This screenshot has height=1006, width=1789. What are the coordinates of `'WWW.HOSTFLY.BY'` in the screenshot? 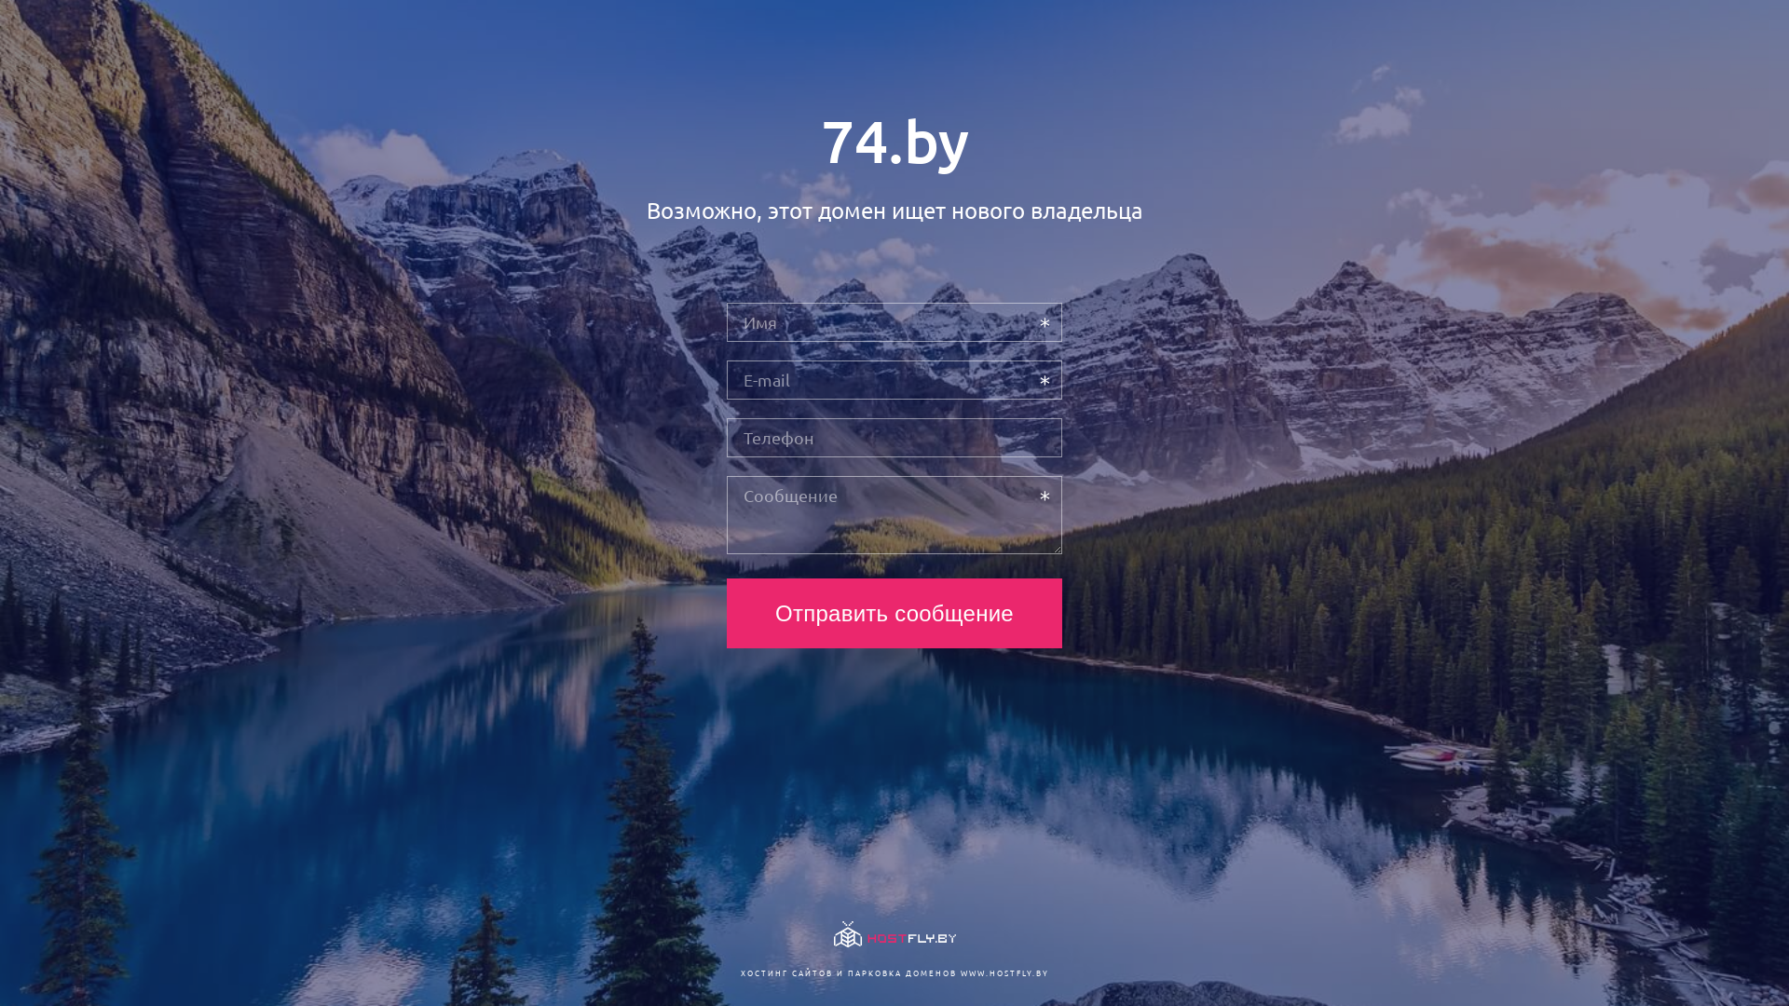 It's located at (1003, 972).